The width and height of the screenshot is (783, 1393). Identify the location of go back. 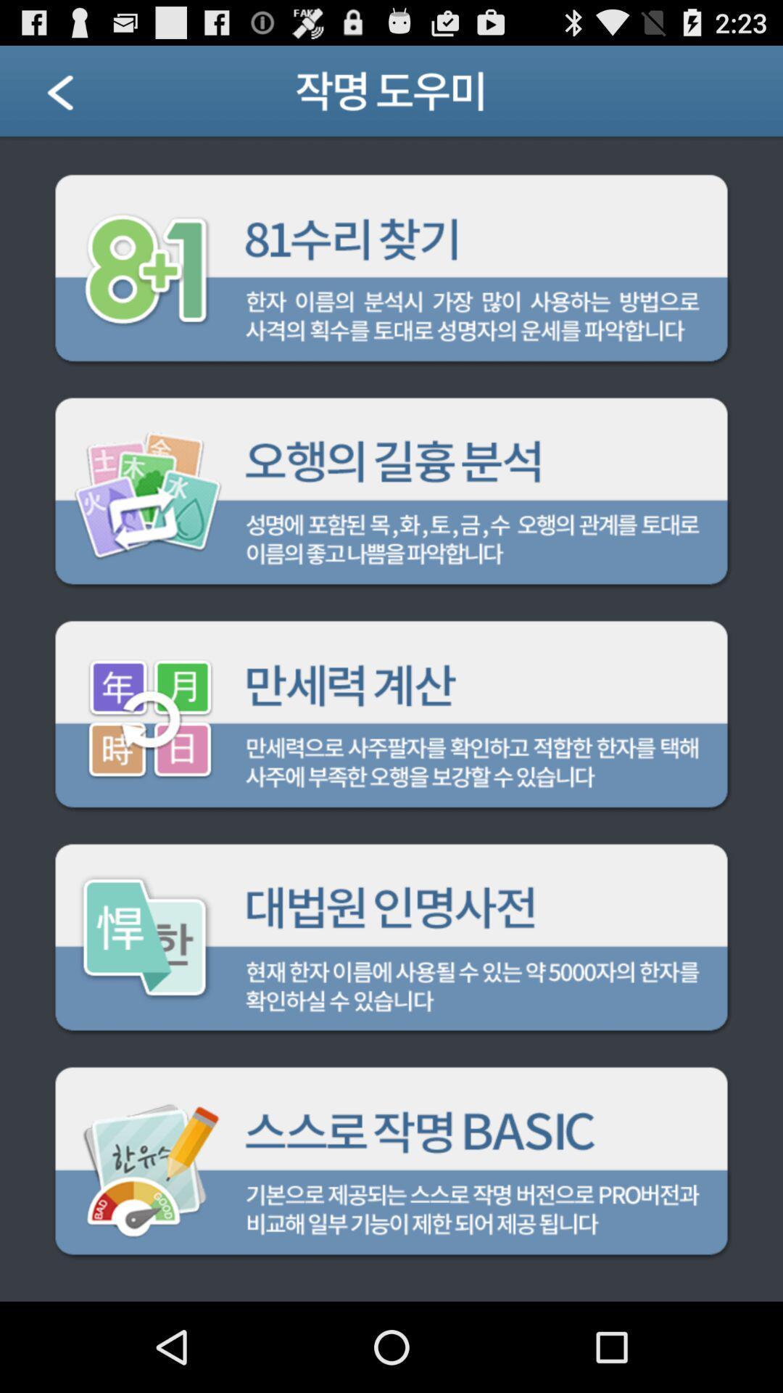
(78, 96).